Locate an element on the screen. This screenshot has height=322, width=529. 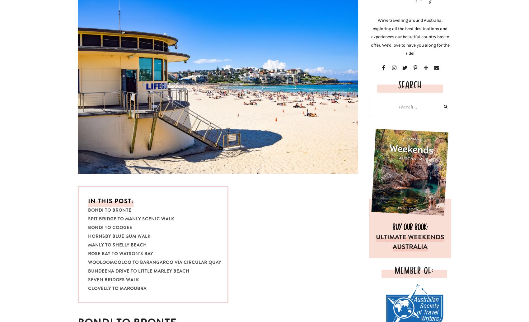
'Rose Bay to Watson’s Bay' is located at coordinates (120, 253).